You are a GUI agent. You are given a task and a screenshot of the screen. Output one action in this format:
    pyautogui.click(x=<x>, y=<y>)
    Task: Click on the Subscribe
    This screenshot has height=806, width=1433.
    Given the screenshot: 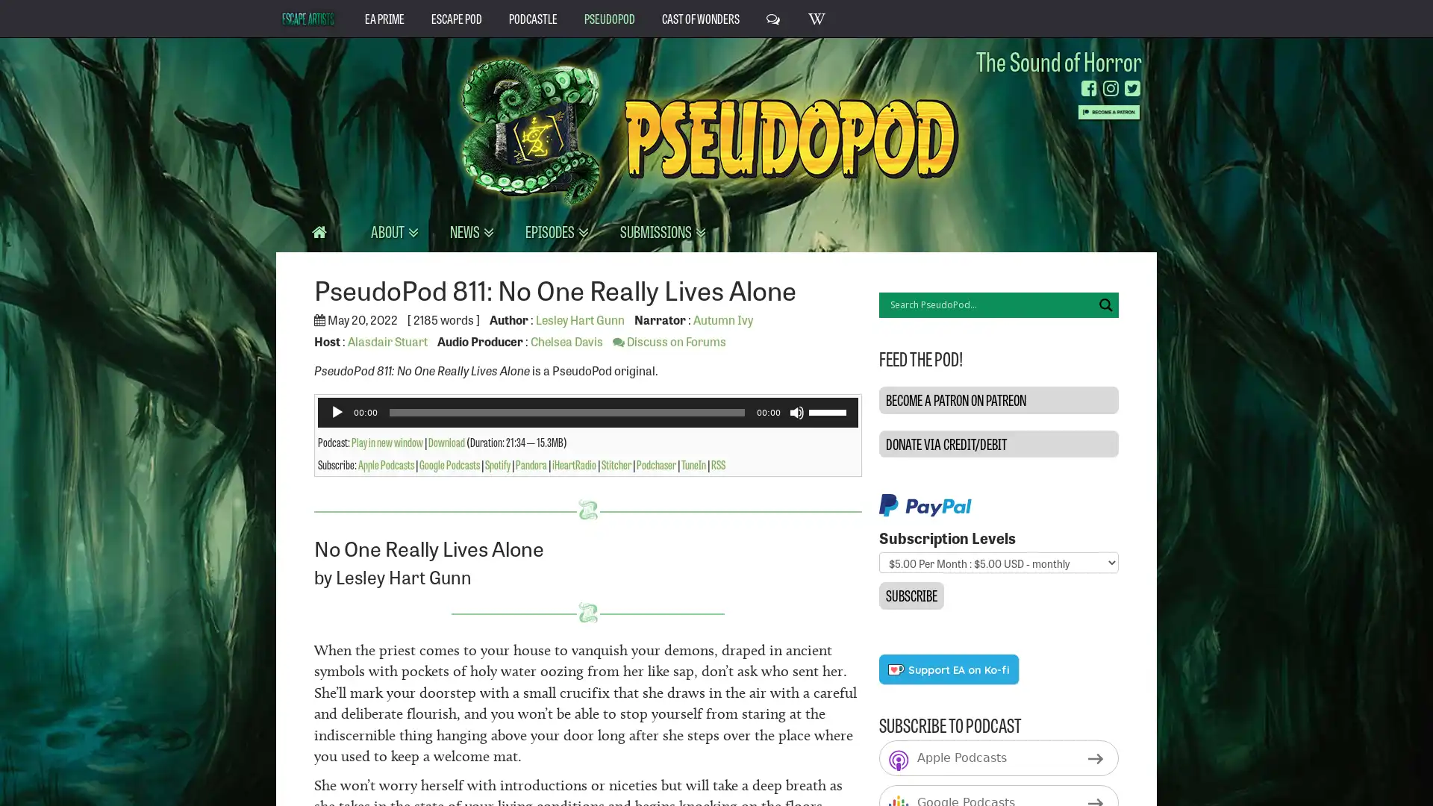 What is the action you would take?
    pyautogui.click(x=910, y=595)
    